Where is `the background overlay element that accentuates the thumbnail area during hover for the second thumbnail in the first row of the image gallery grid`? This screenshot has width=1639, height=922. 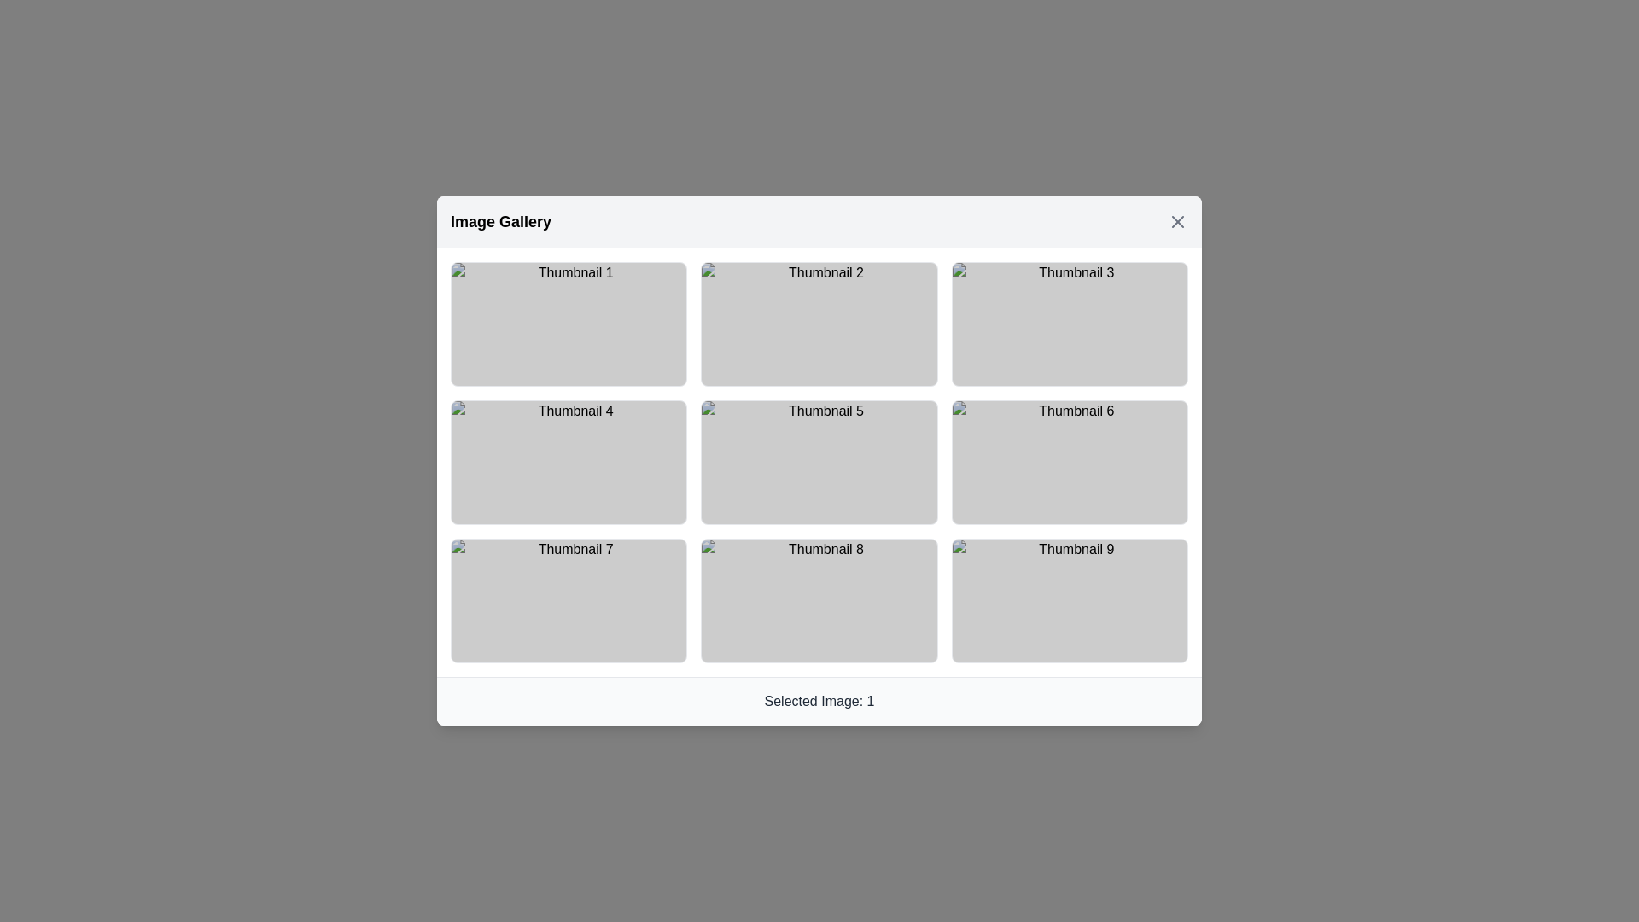 the background overlay element that accentuates the thumbnail area during hover for the second thumbnail in the first row of the image gallery grid is located at coordinates (819, 324).